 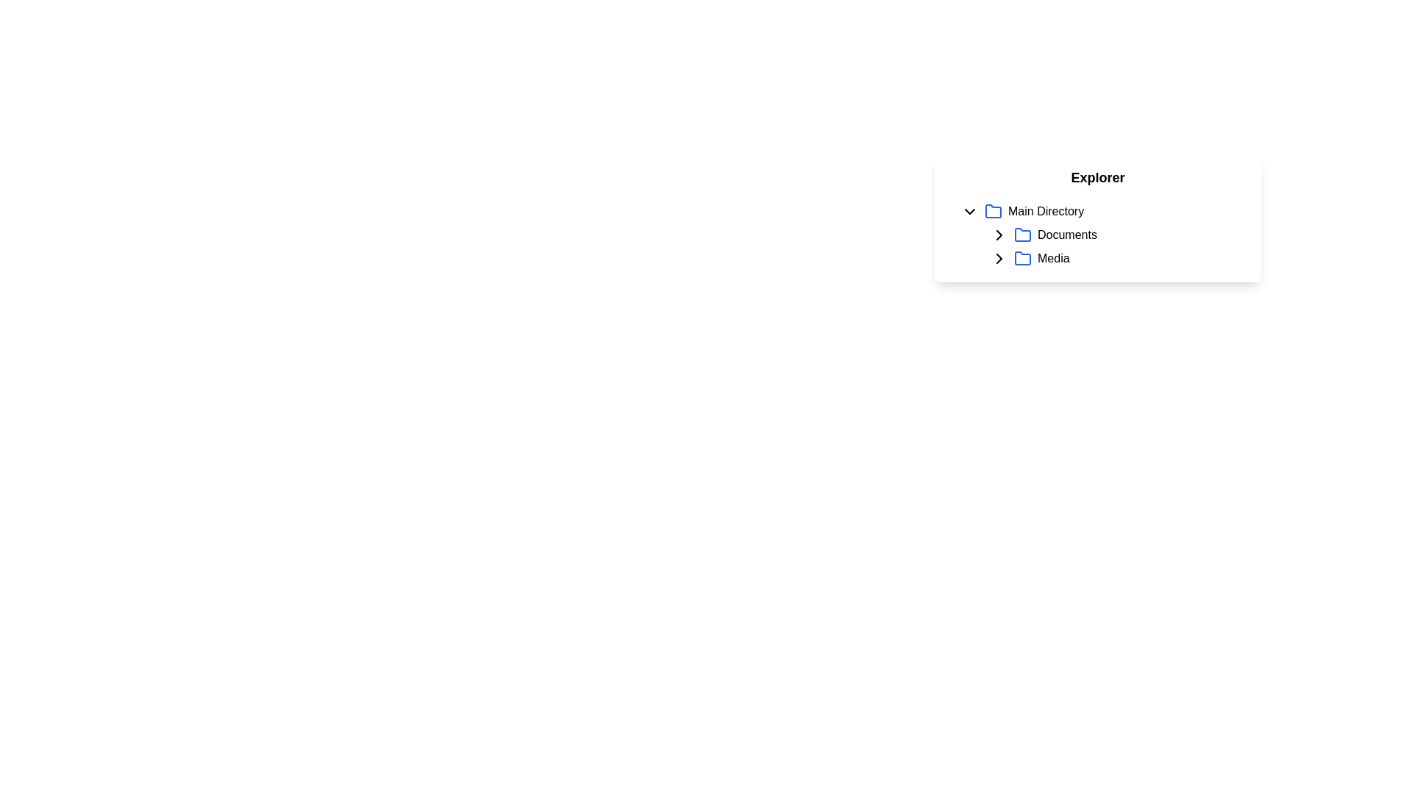 I want to click on the Folder icon, which is the third item in the vertical list under the 'Explorer' heading, distinguished by its rounded edges and blue stroke outline, so click(x=1022, y=257).